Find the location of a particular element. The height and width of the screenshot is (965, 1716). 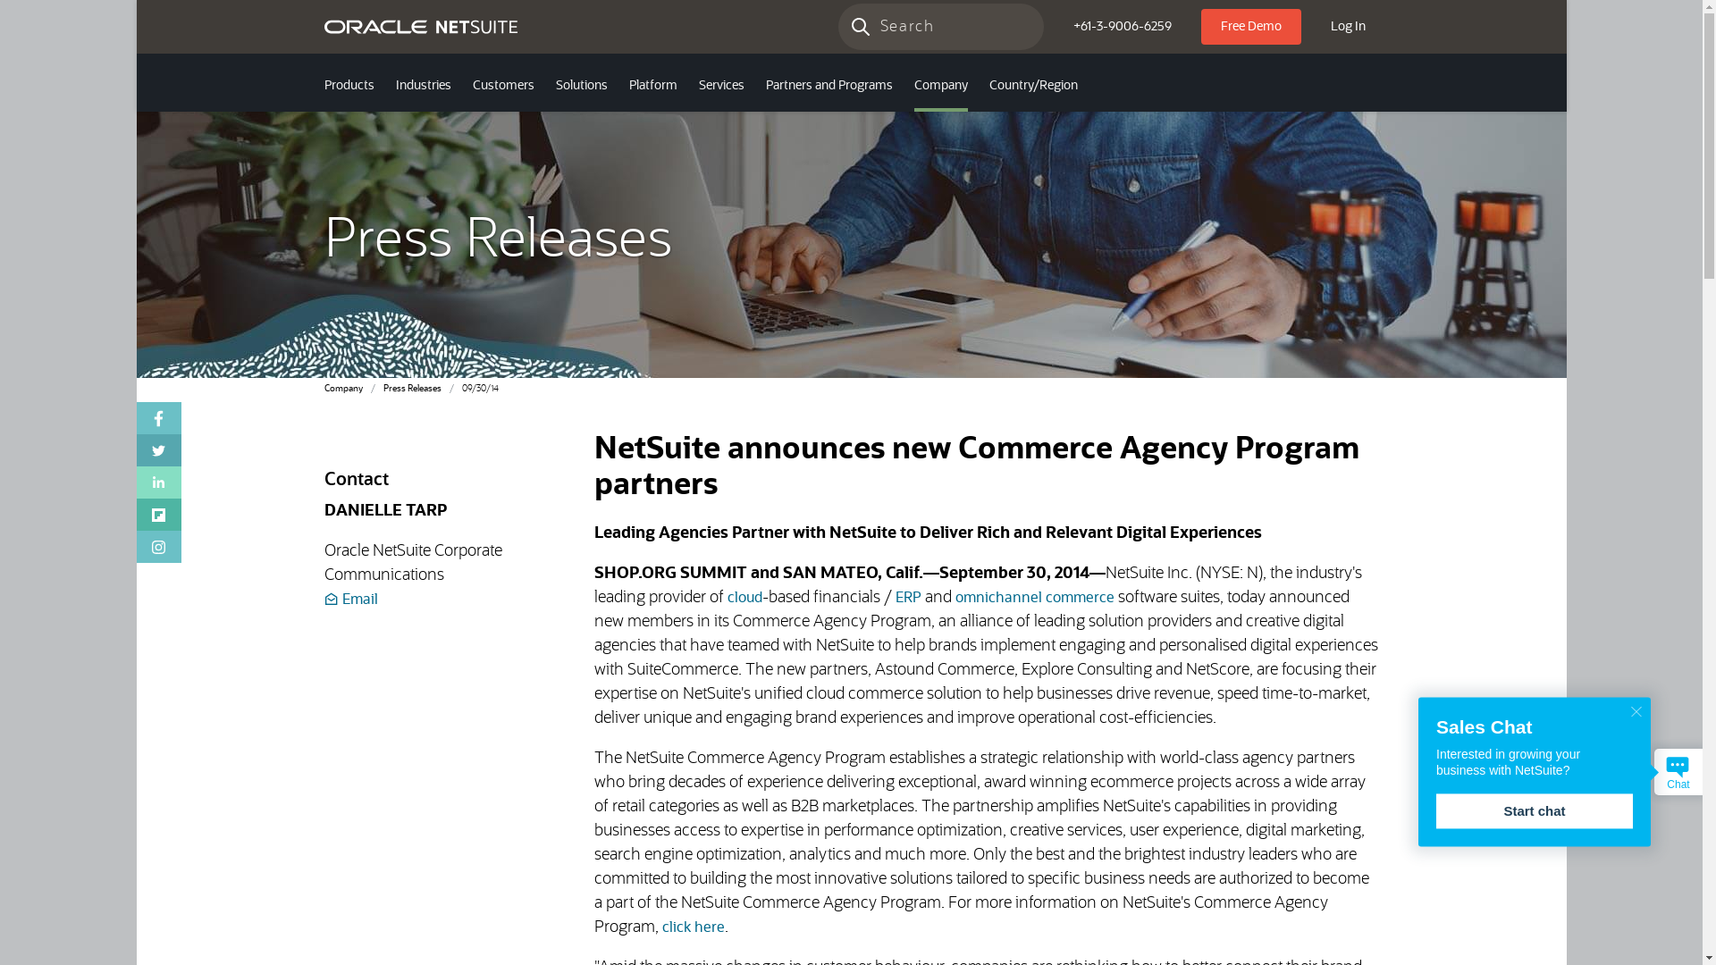

'Share to Facebook' is located at coordinates (135, 417).